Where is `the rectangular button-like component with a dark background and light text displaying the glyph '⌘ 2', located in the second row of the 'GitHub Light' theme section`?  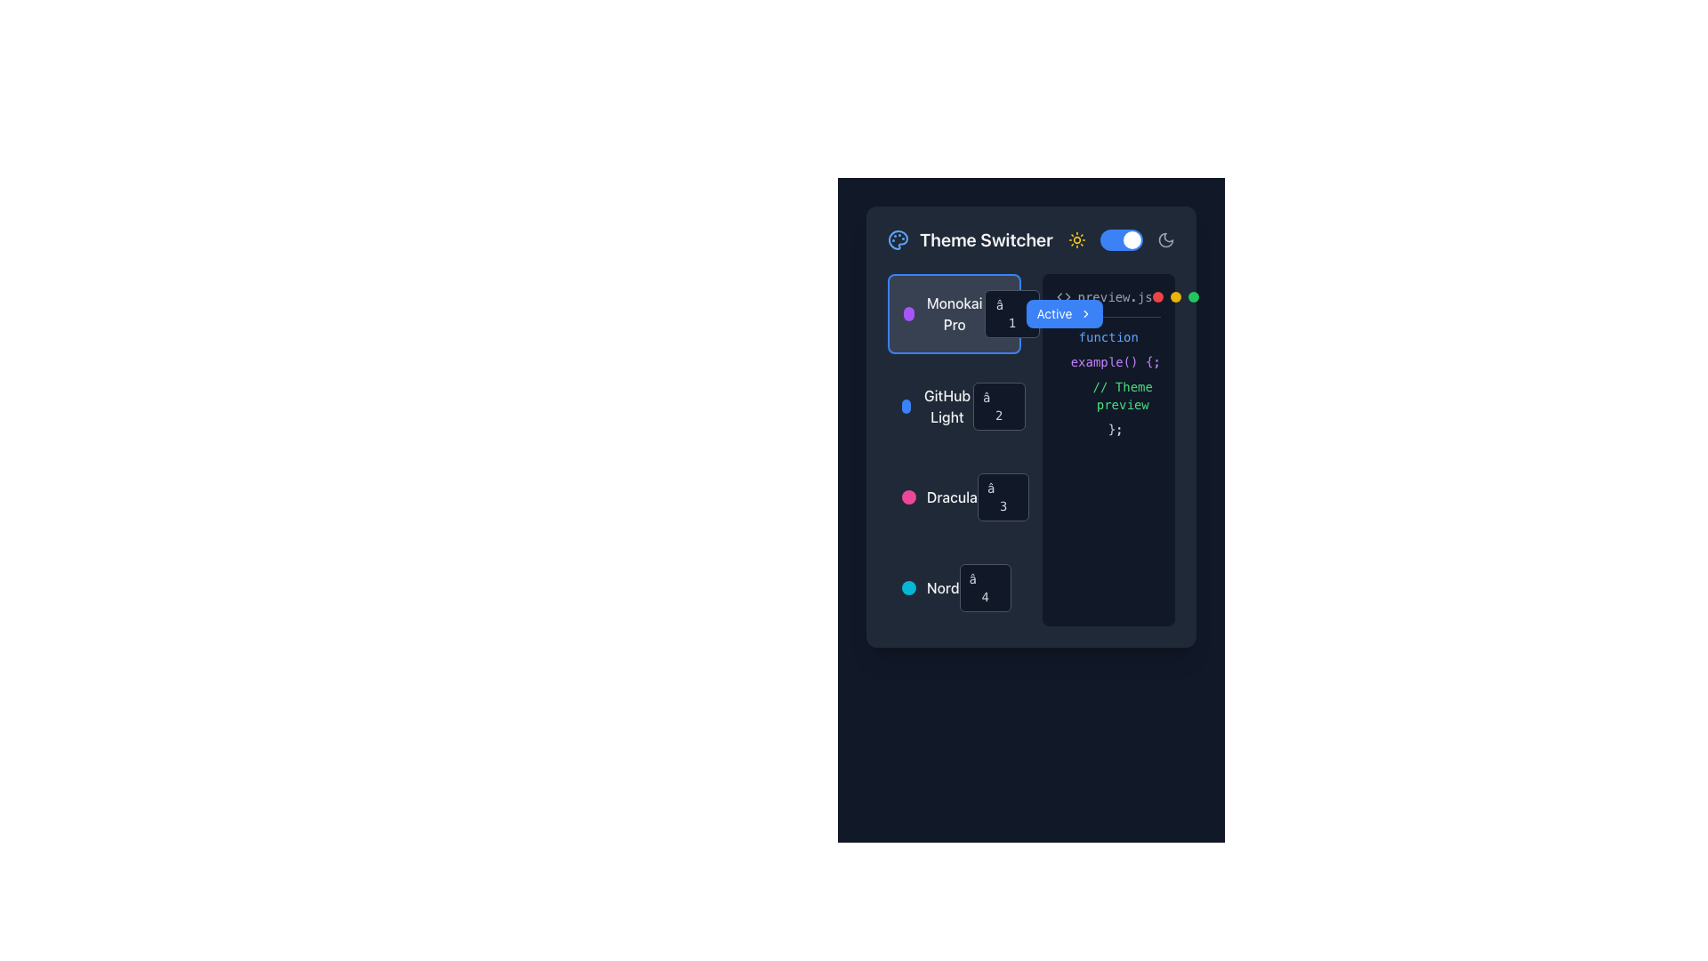
the rectangular button-like component with a dark background and light text displaying the glyph '⌘ 2', located in the second row of the 'GitHub Light' theme section is located at coordinates (999, 406).